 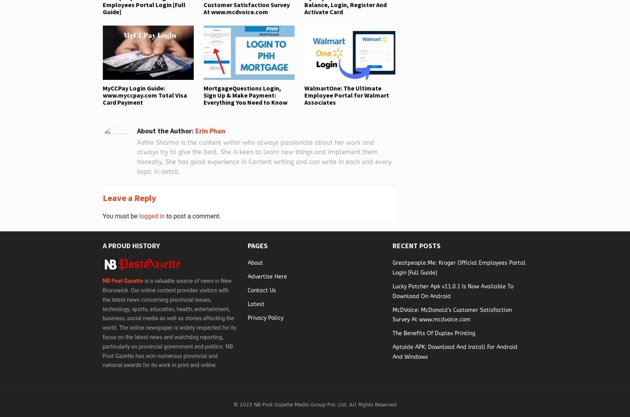 I want to click on 'Advertise Here', so click(x=267, y=276).